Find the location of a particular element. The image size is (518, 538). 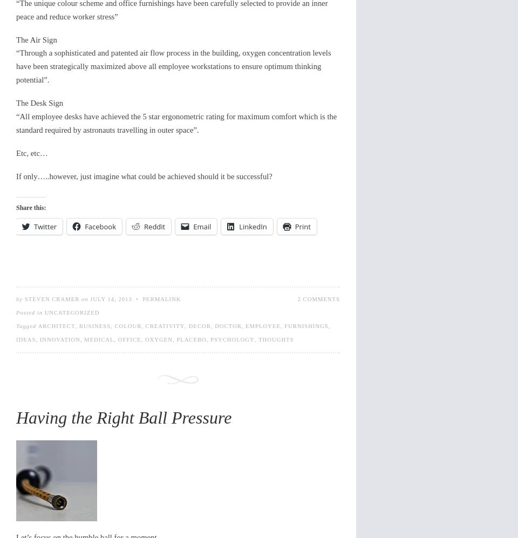

'“Through a sophisticated and patented air flow process in the building, oxygen concentration levels have been strategically maximized above all employee workstations to ensure optimum thinking potential”.' is located at coordinates (15, 66).